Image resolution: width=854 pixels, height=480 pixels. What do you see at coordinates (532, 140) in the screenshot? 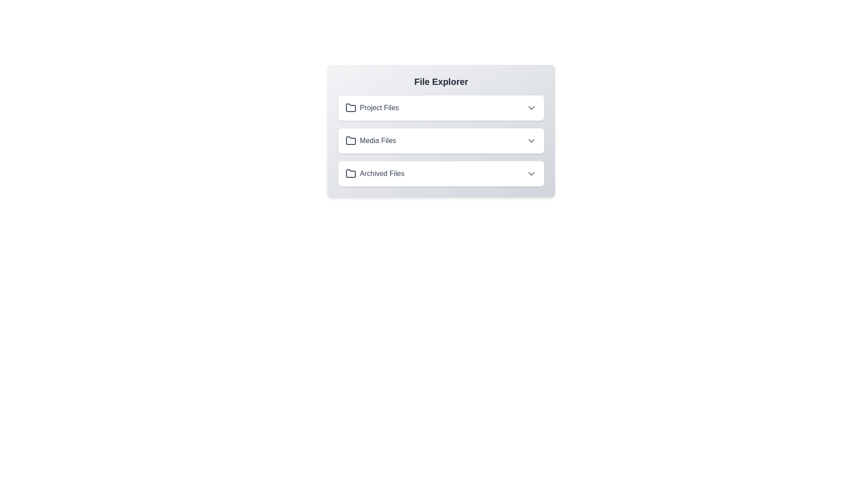
I see `the toggle button for the folder named Media Files` at bounding box center [532, 140].